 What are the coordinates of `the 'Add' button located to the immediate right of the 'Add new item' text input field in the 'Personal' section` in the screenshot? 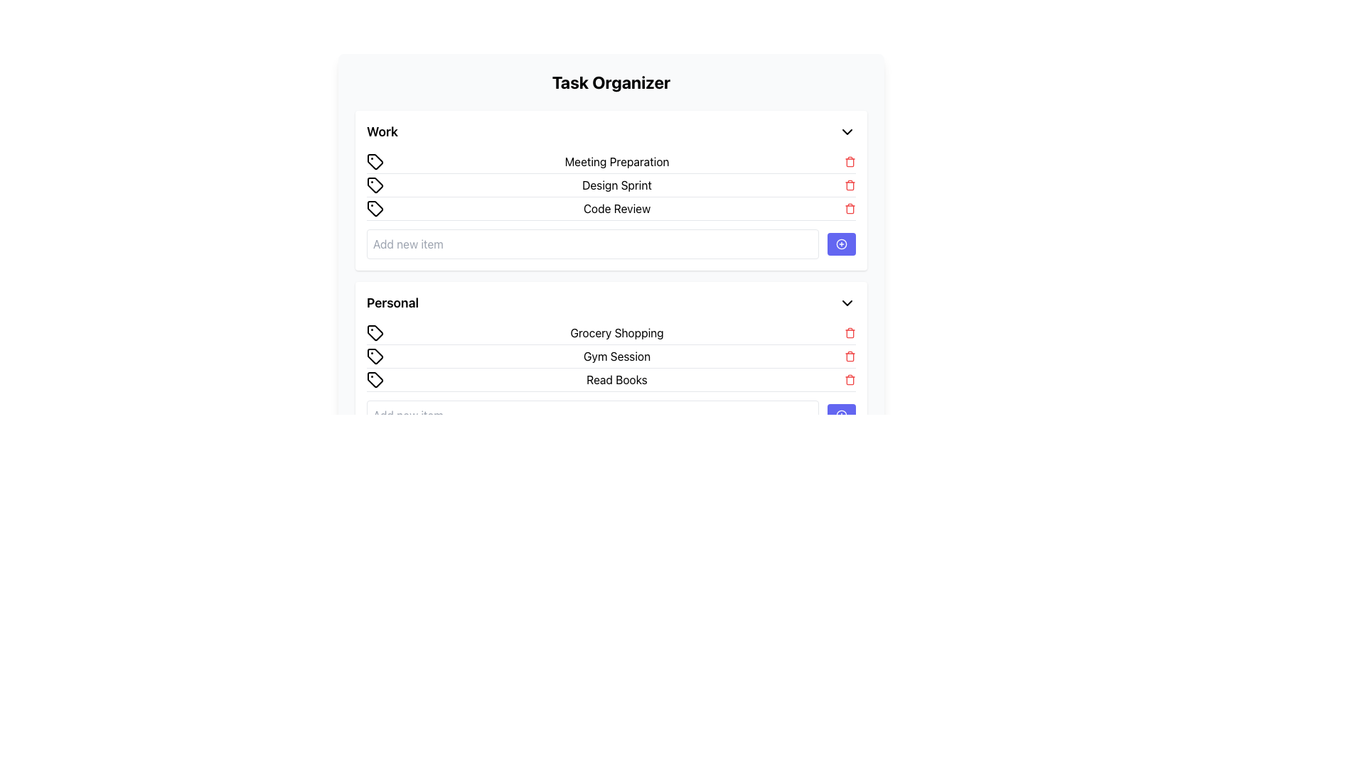 It's located at (842, 415).